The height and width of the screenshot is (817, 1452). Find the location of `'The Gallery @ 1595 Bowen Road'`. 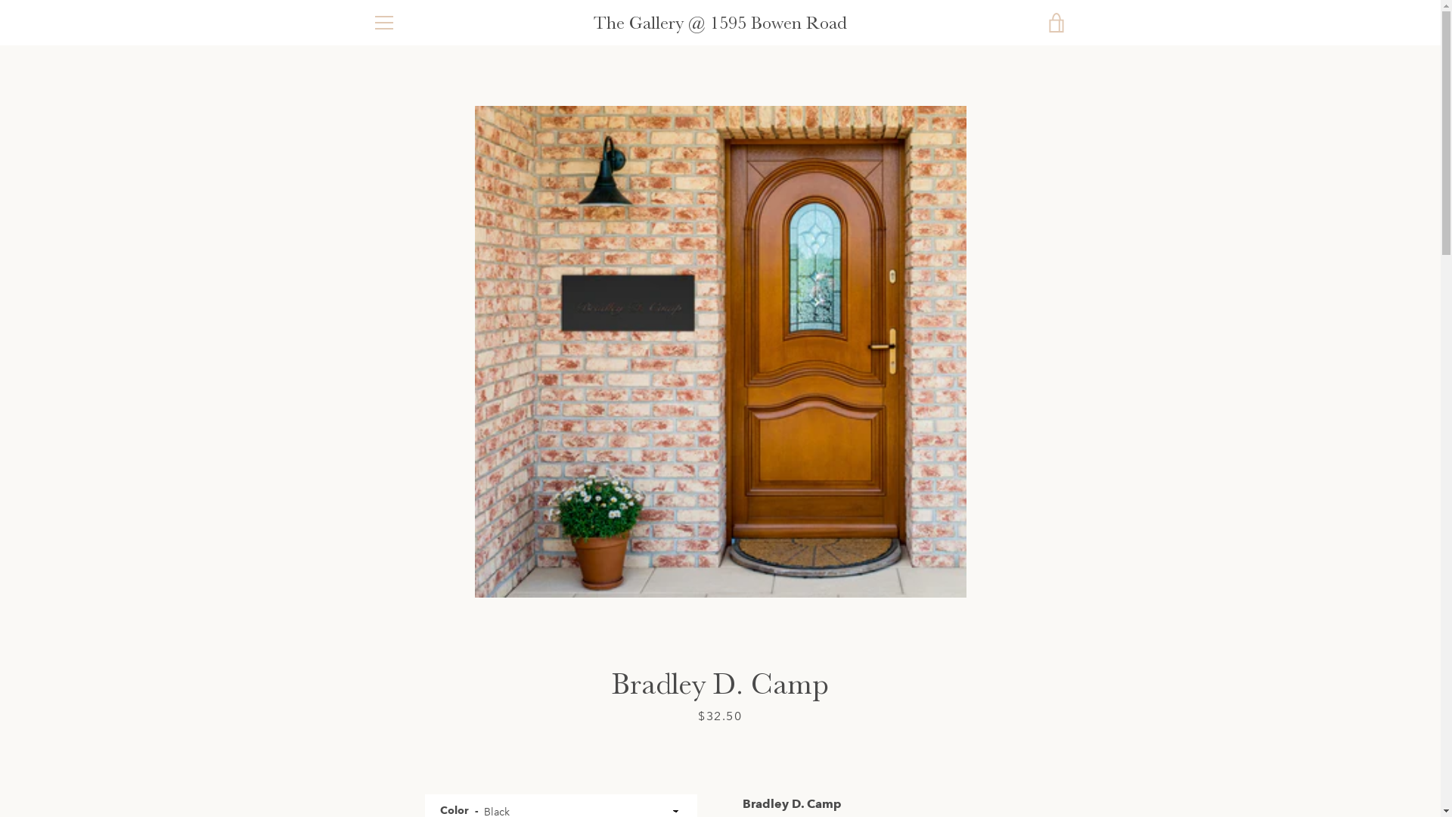

'The Gallery @ 1595 Bowen Road' is located at coordinates (689, 755).